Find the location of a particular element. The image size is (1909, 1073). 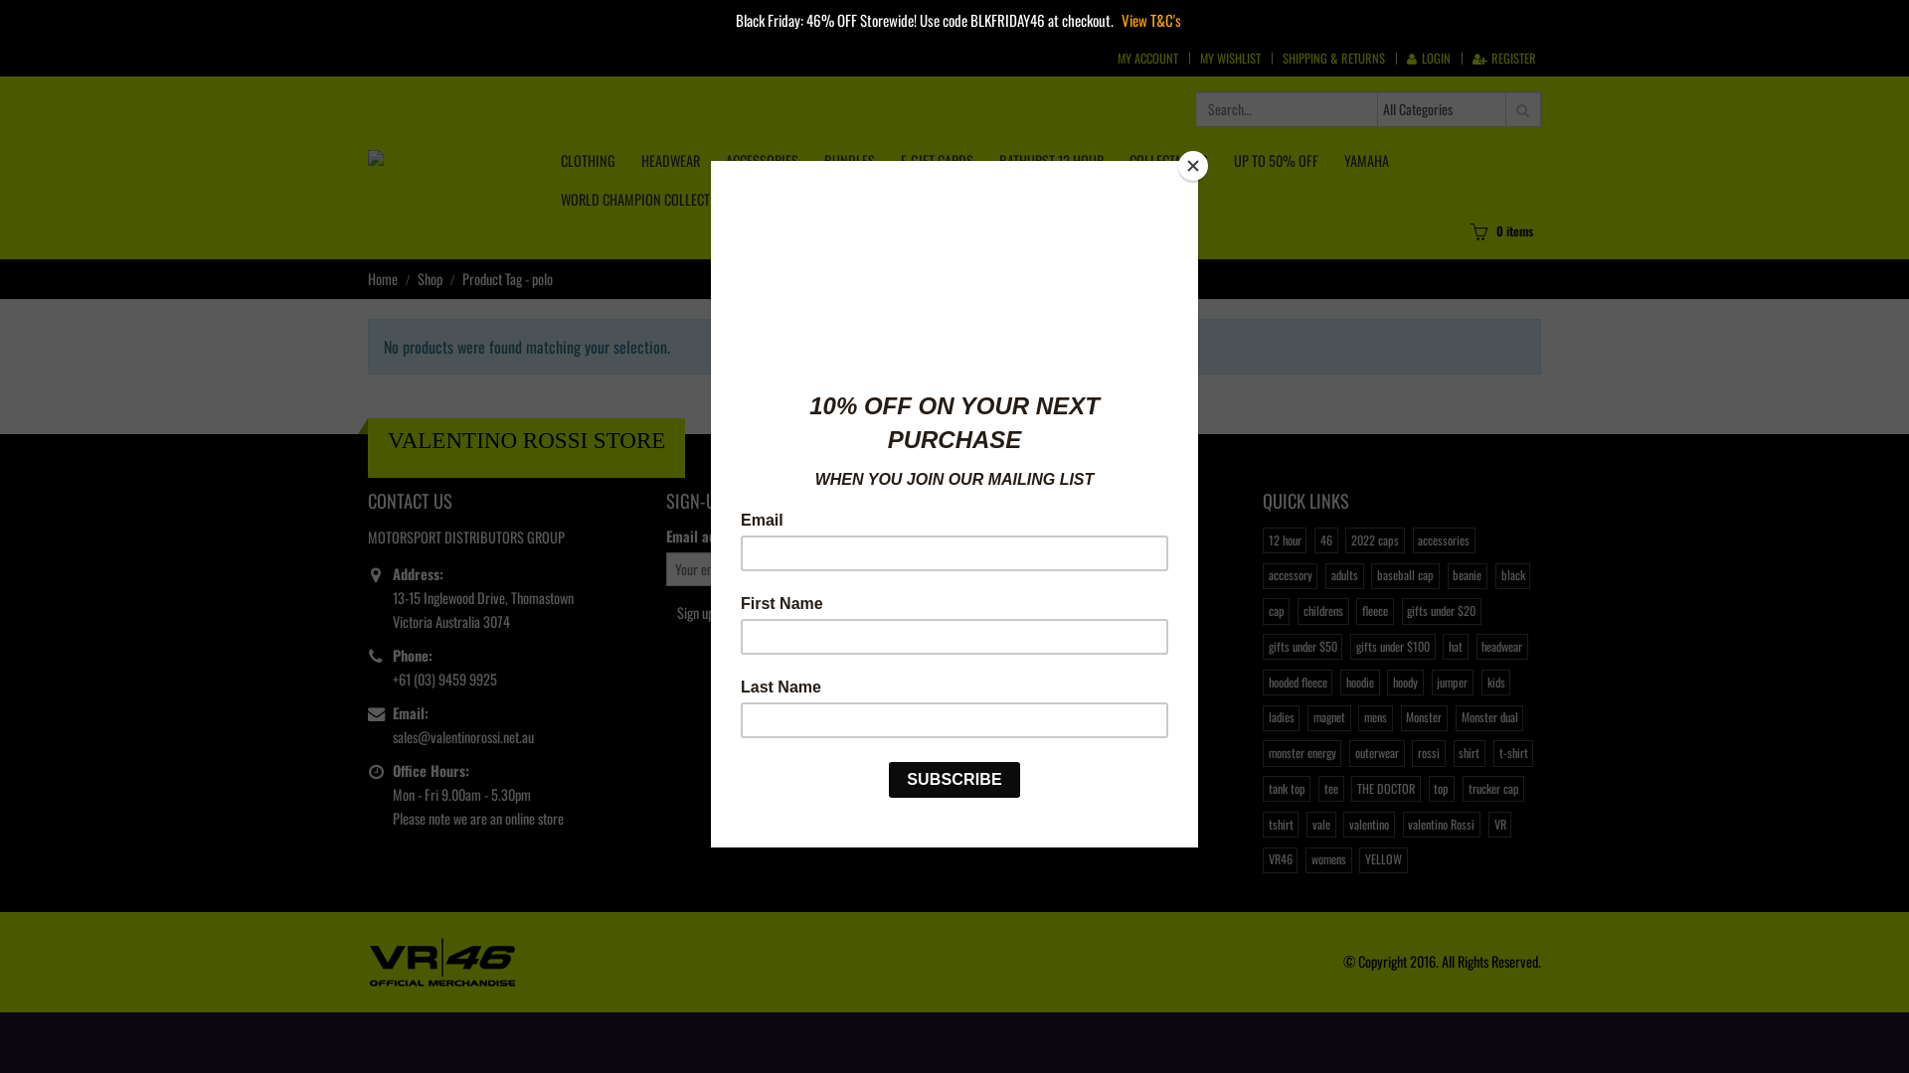

'E-GIFT CARDS' is located at coordinates (936, 159).